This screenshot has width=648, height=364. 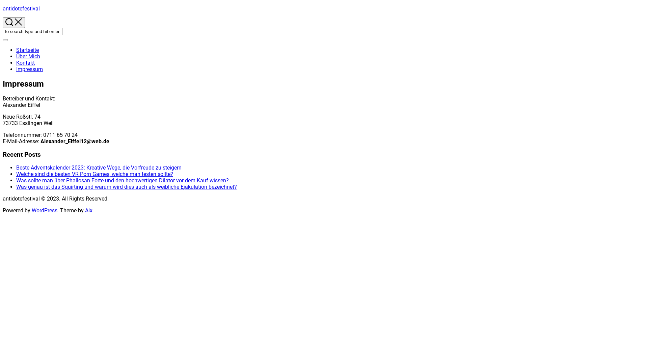 I want to click on 'Kontakt', so click(x=25, y=63).